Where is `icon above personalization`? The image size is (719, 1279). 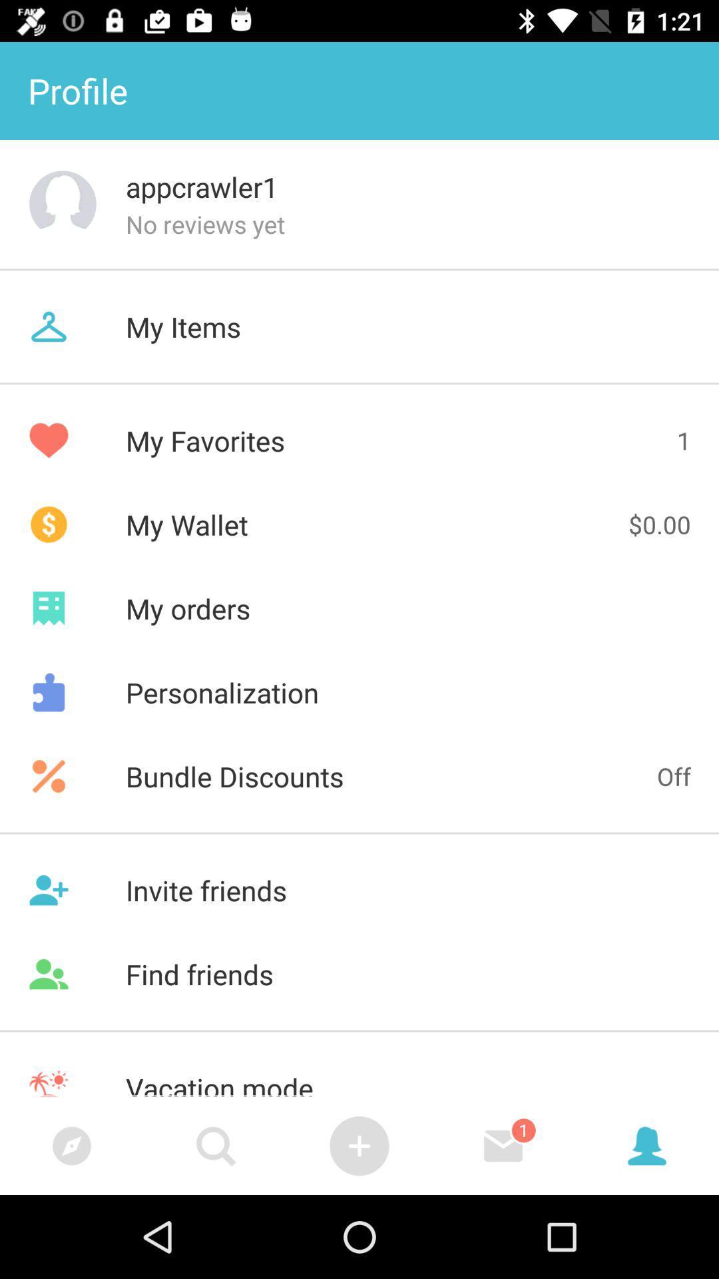
icon above personalization is located at coordinates (359, 608).